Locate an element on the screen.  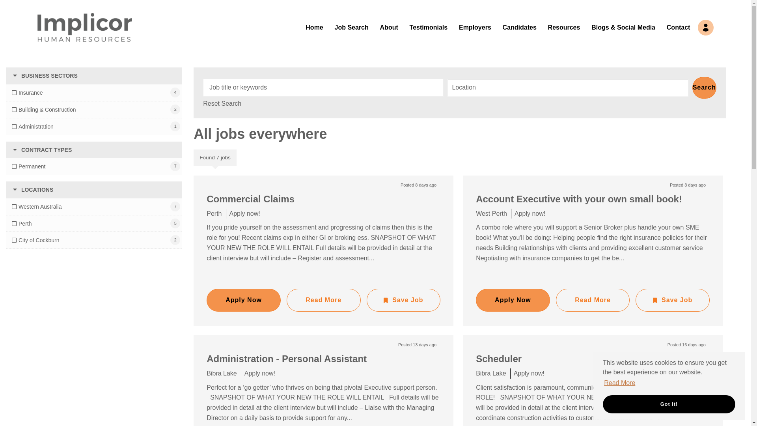
'Scheduler' is located at coordinates (498, 359).